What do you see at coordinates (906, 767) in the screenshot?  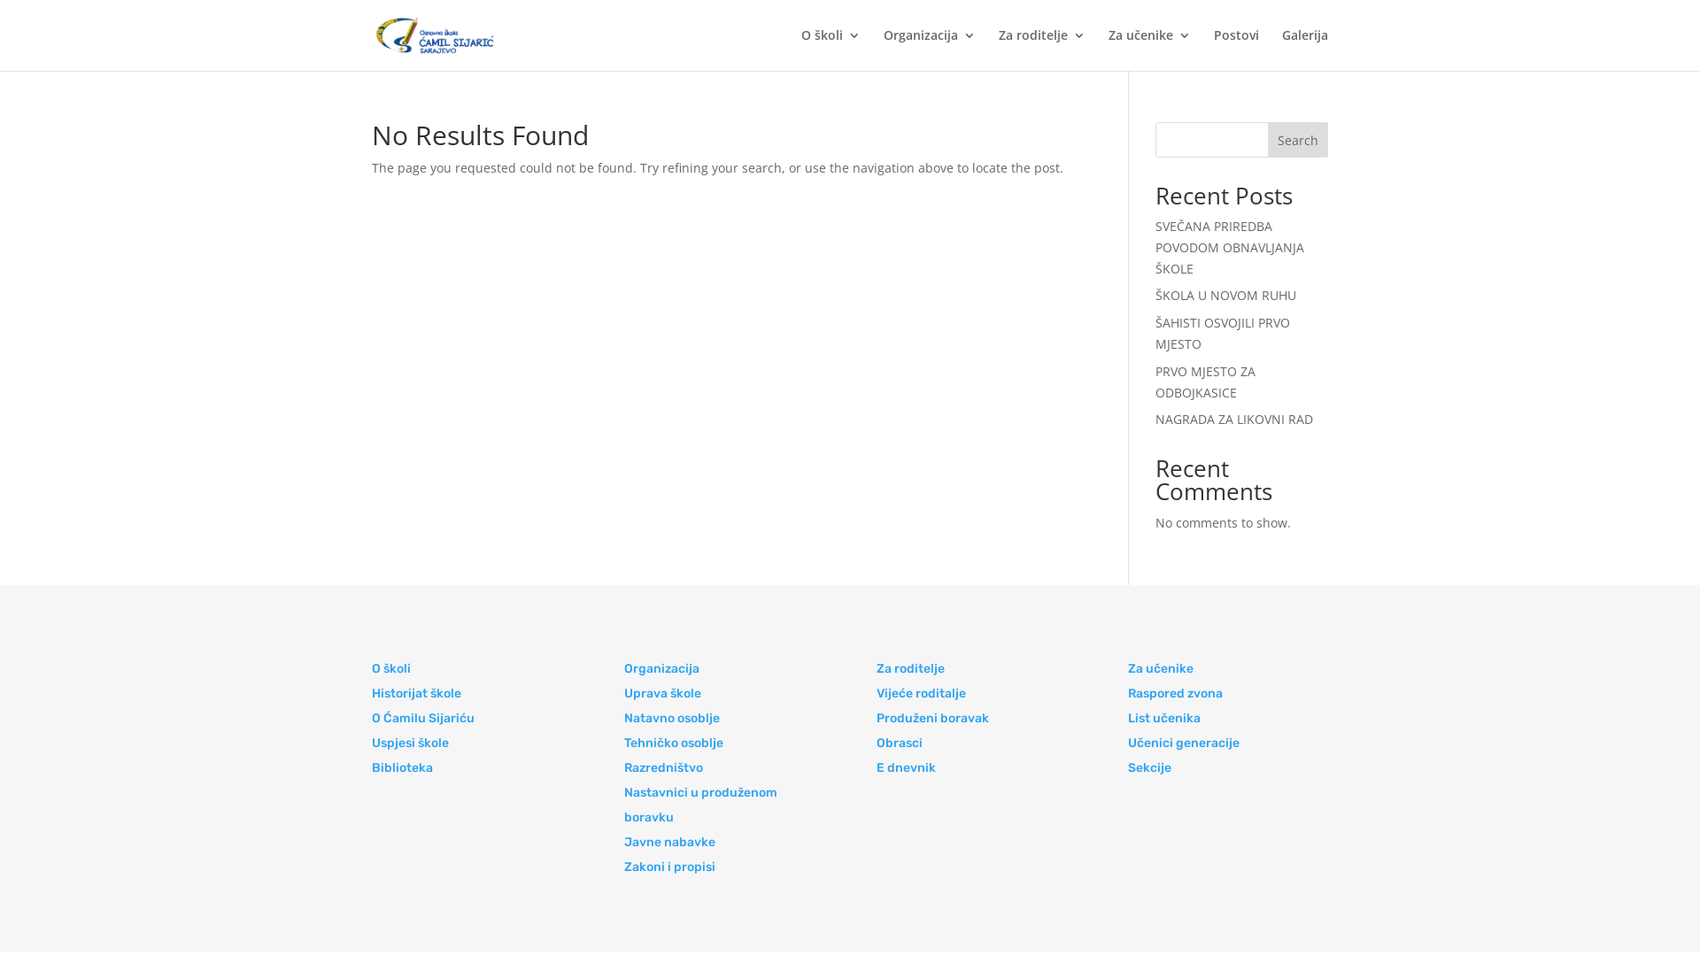 I see `'E dnevnik'` at bounding box center [906, 767].